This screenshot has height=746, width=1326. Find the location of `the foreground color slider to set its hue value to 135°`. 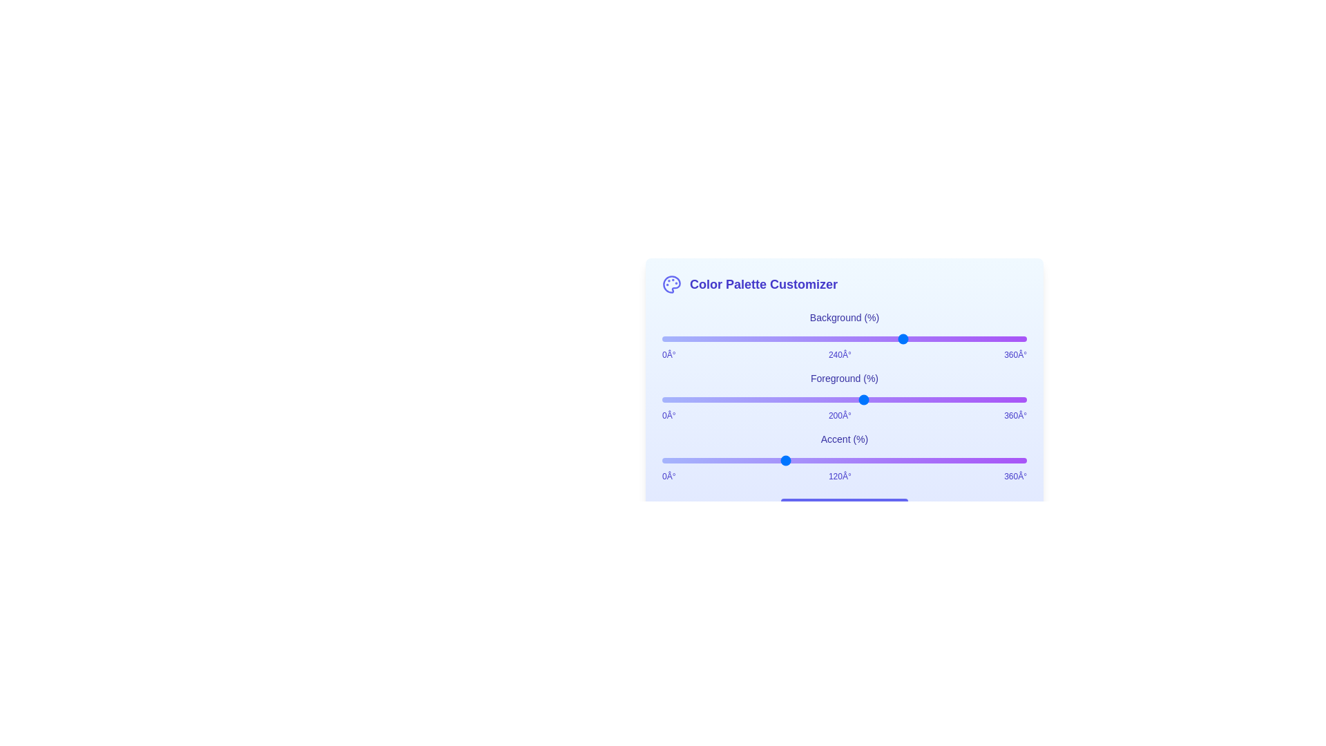

the foreground color slider to set its hue value to 135° is located at coordinates (798, 399).